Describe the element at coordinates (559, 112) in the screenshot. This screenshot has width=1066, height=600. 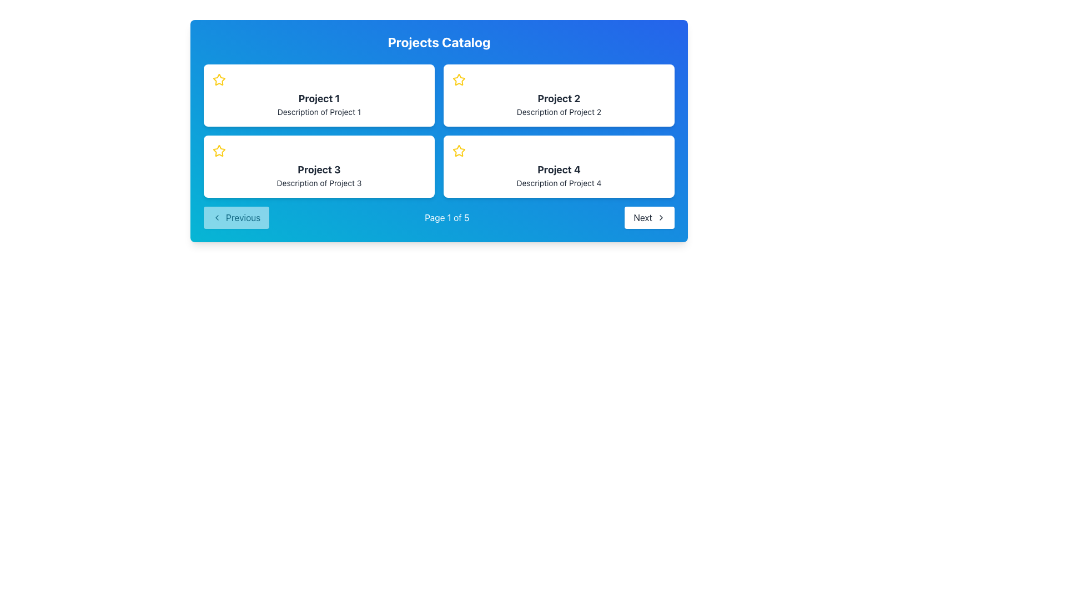
I see `the static text label that reads 'Description of Project 2', which is located below the title 'Project 2' in the right-hand column of a two-column layout` at that location.